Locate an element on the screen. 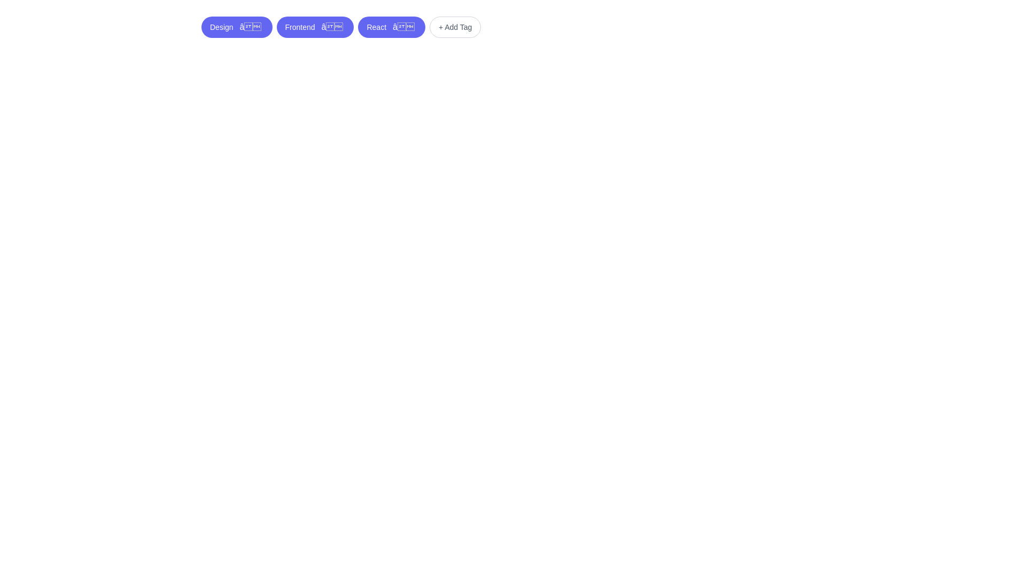 The height and width of the screenshot is (577, 1026). the close button of the tag labeled React to remove it is located at coordinates (402, 26).